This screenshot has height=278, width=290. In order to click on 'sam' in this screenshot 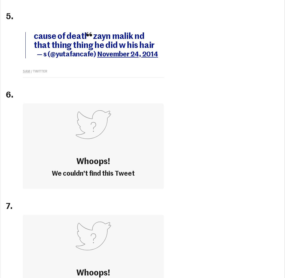, I will do `click(26, 71)`.